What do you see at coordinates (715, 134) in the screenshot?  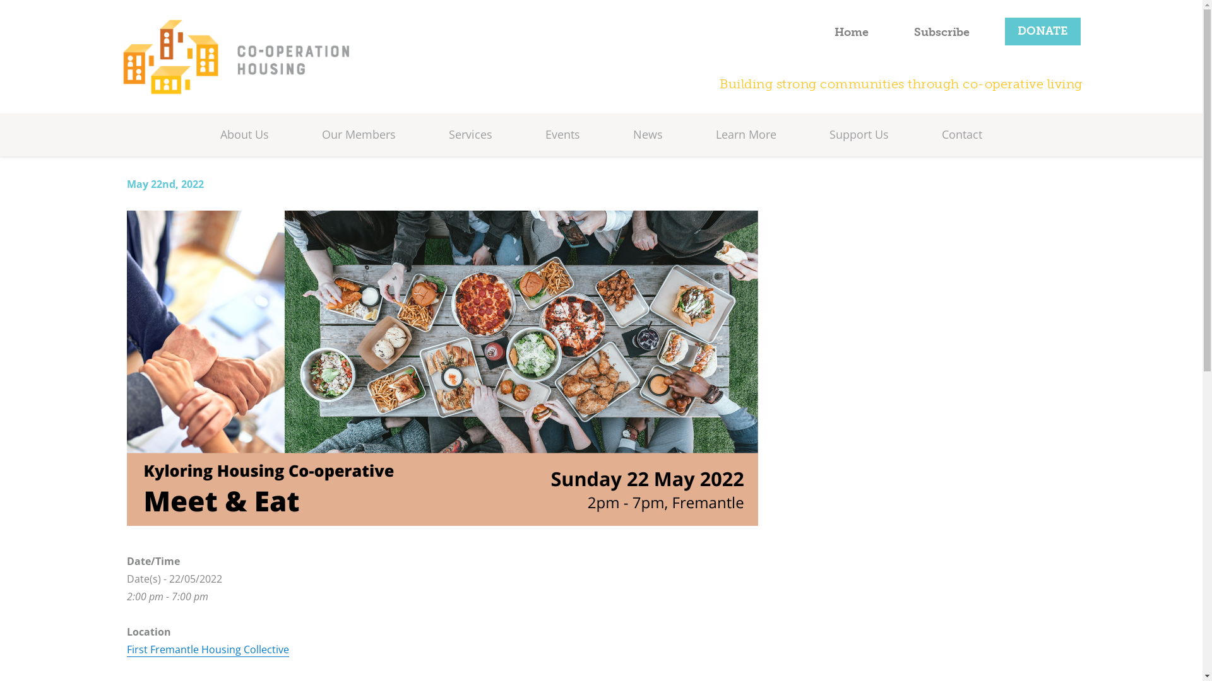 I see `'Learn More'` at bounding box center [715, 134].